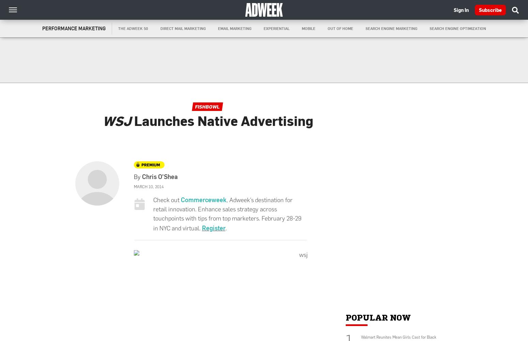 The width and height of the screenshot is (528, 341). What do you see at coordinates (201, 227) in the screenshot?
I see `'Register'` at bounding box center [201, 227].